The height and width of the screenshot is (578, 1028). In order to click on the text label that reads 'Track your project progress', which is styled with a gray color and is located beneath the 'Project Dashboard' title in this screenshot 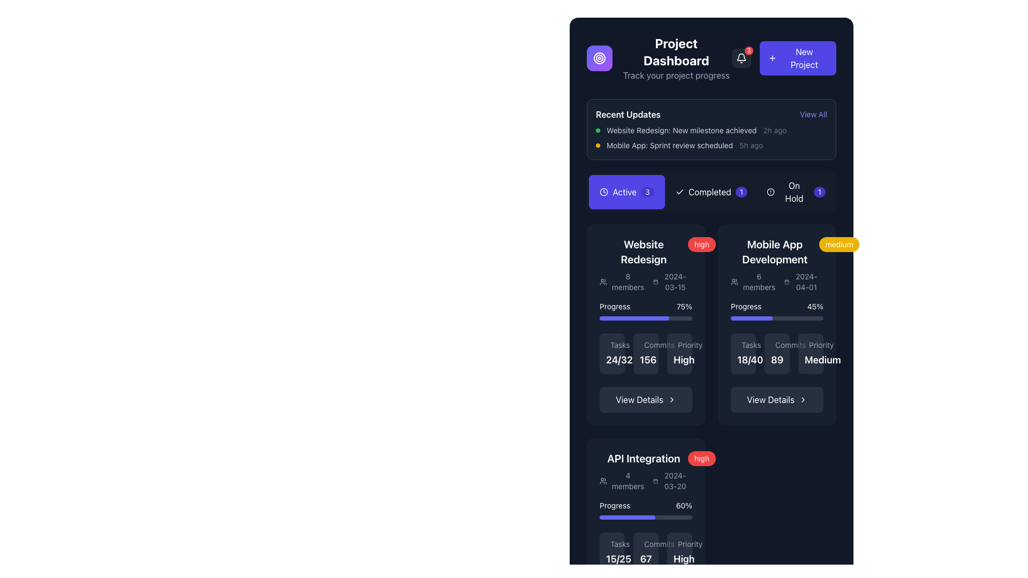, I will do `click(676, 75)`.